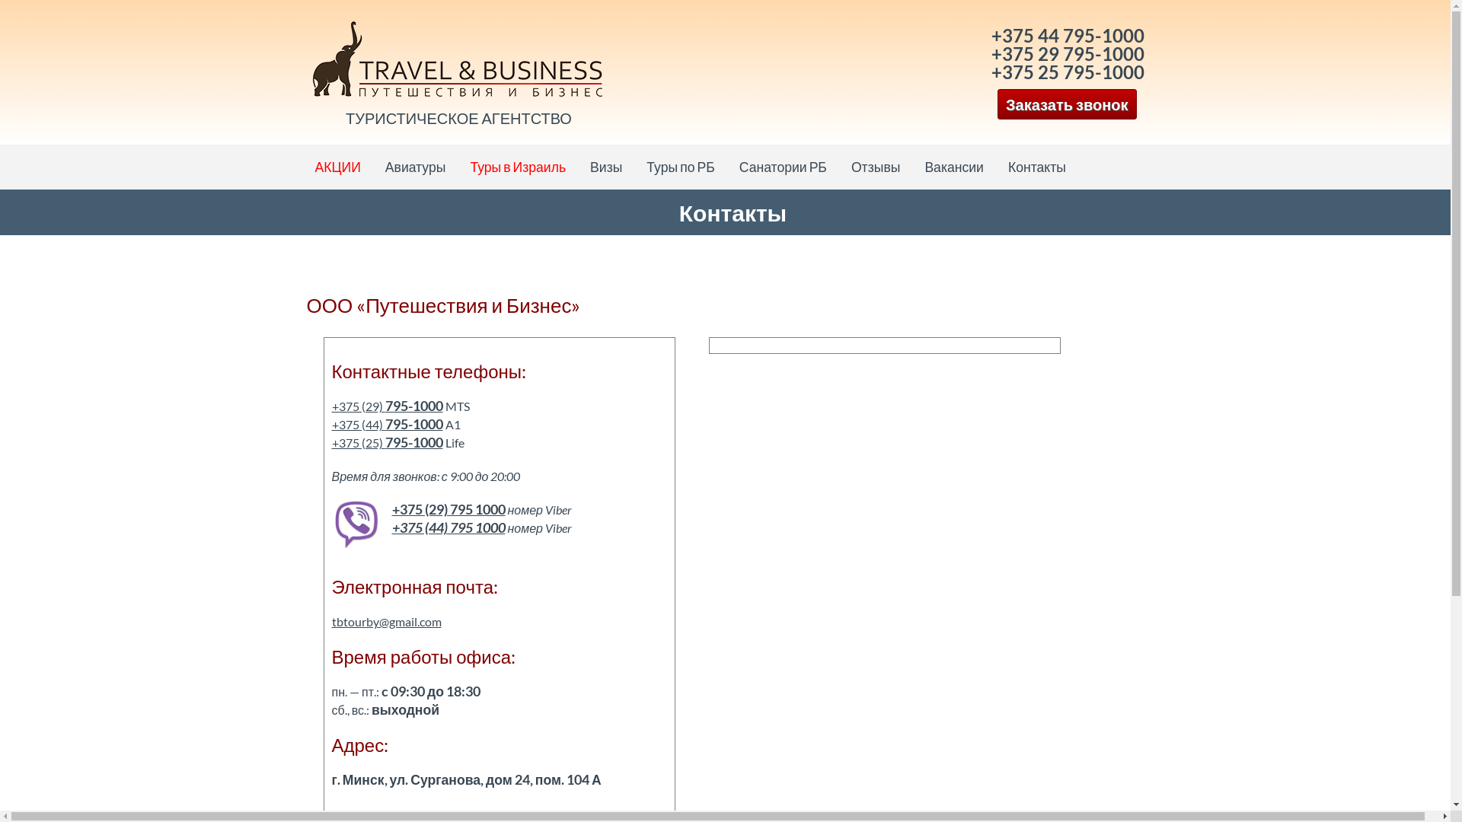  Describe the element at coordinates (1067, 34) in the screenshot. I see `'+375 44 795-1000'` at that location.